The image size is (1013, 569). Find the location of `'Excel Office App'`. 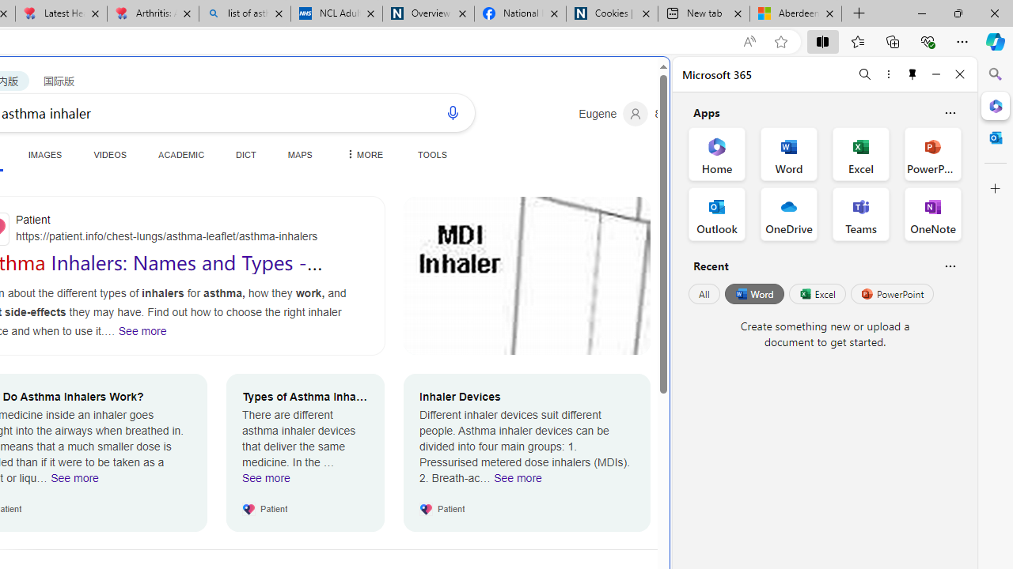

'Excel Office App' is located at coordinates (860, 154).